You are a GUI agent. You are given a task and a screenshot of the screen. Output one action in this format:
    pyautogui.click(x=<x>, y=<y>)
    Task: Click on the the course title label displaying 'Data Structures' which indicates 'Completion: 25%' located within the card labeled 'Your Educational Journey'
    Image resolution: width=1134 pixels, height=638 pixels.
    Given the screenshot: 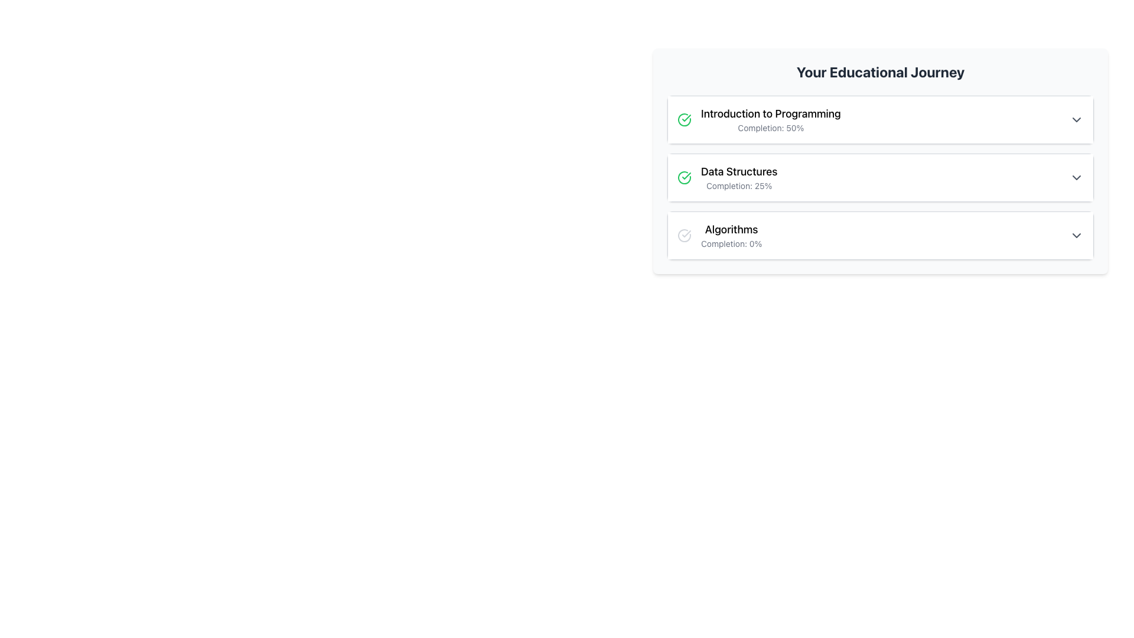 What is the action you would take?
    pyautogui.click(x=738, y=177)
    